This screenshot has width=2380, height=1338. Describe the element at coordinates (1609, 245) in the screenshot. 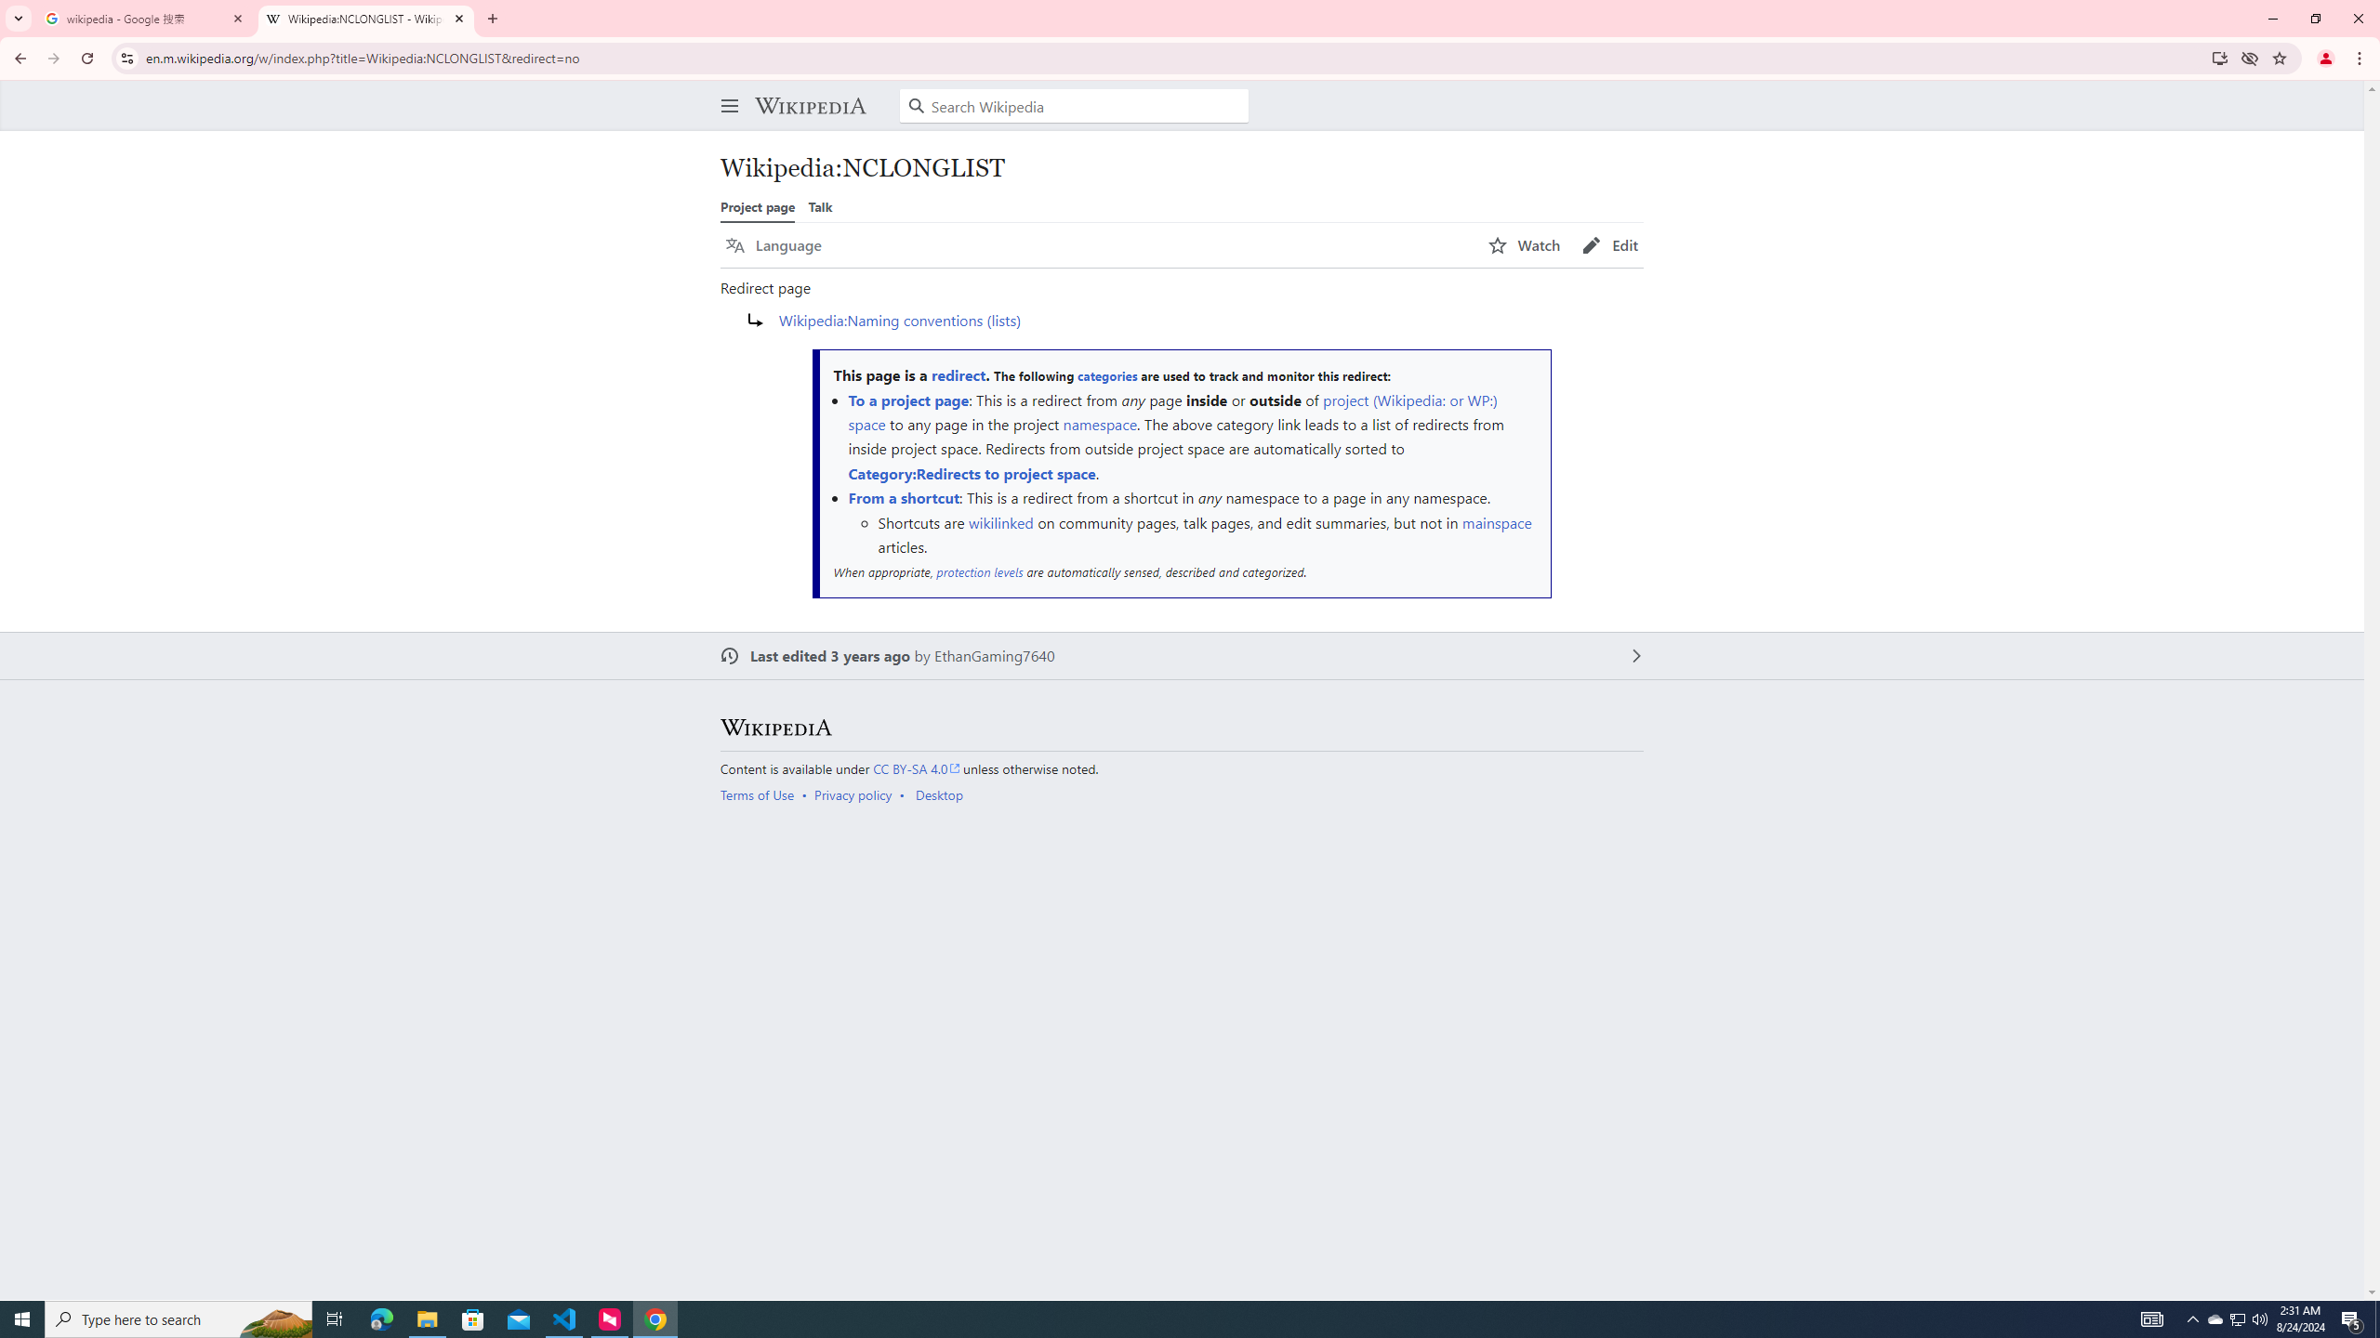

I see `'Edit'` at that location.